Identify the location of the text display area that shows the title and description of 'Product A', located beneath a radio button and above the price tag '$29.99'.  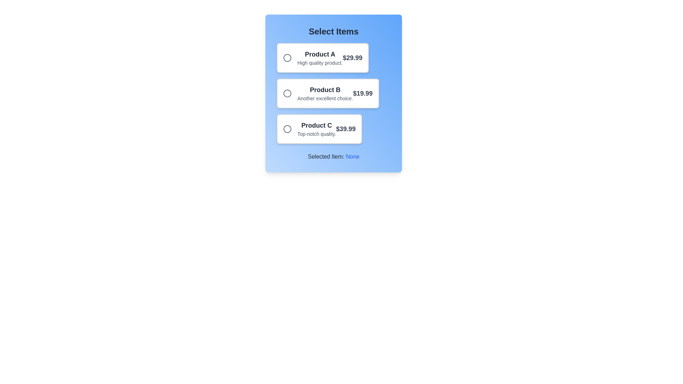
(319, 57).